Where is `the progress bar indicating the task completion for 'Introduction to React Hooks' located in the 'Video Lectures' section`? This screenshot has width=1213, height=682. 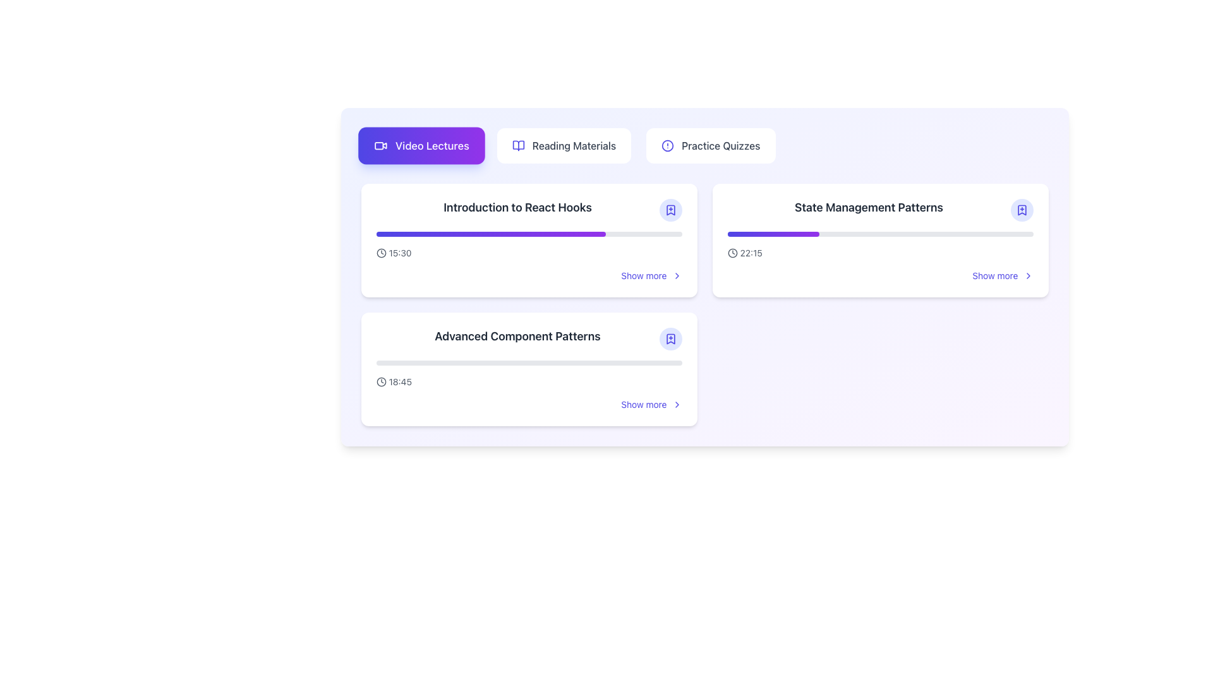
the progress bar indicating the task completion for 'Introduction to React Hooks' located in the 'Video Lectures' section is located at coordinates (529, 234).